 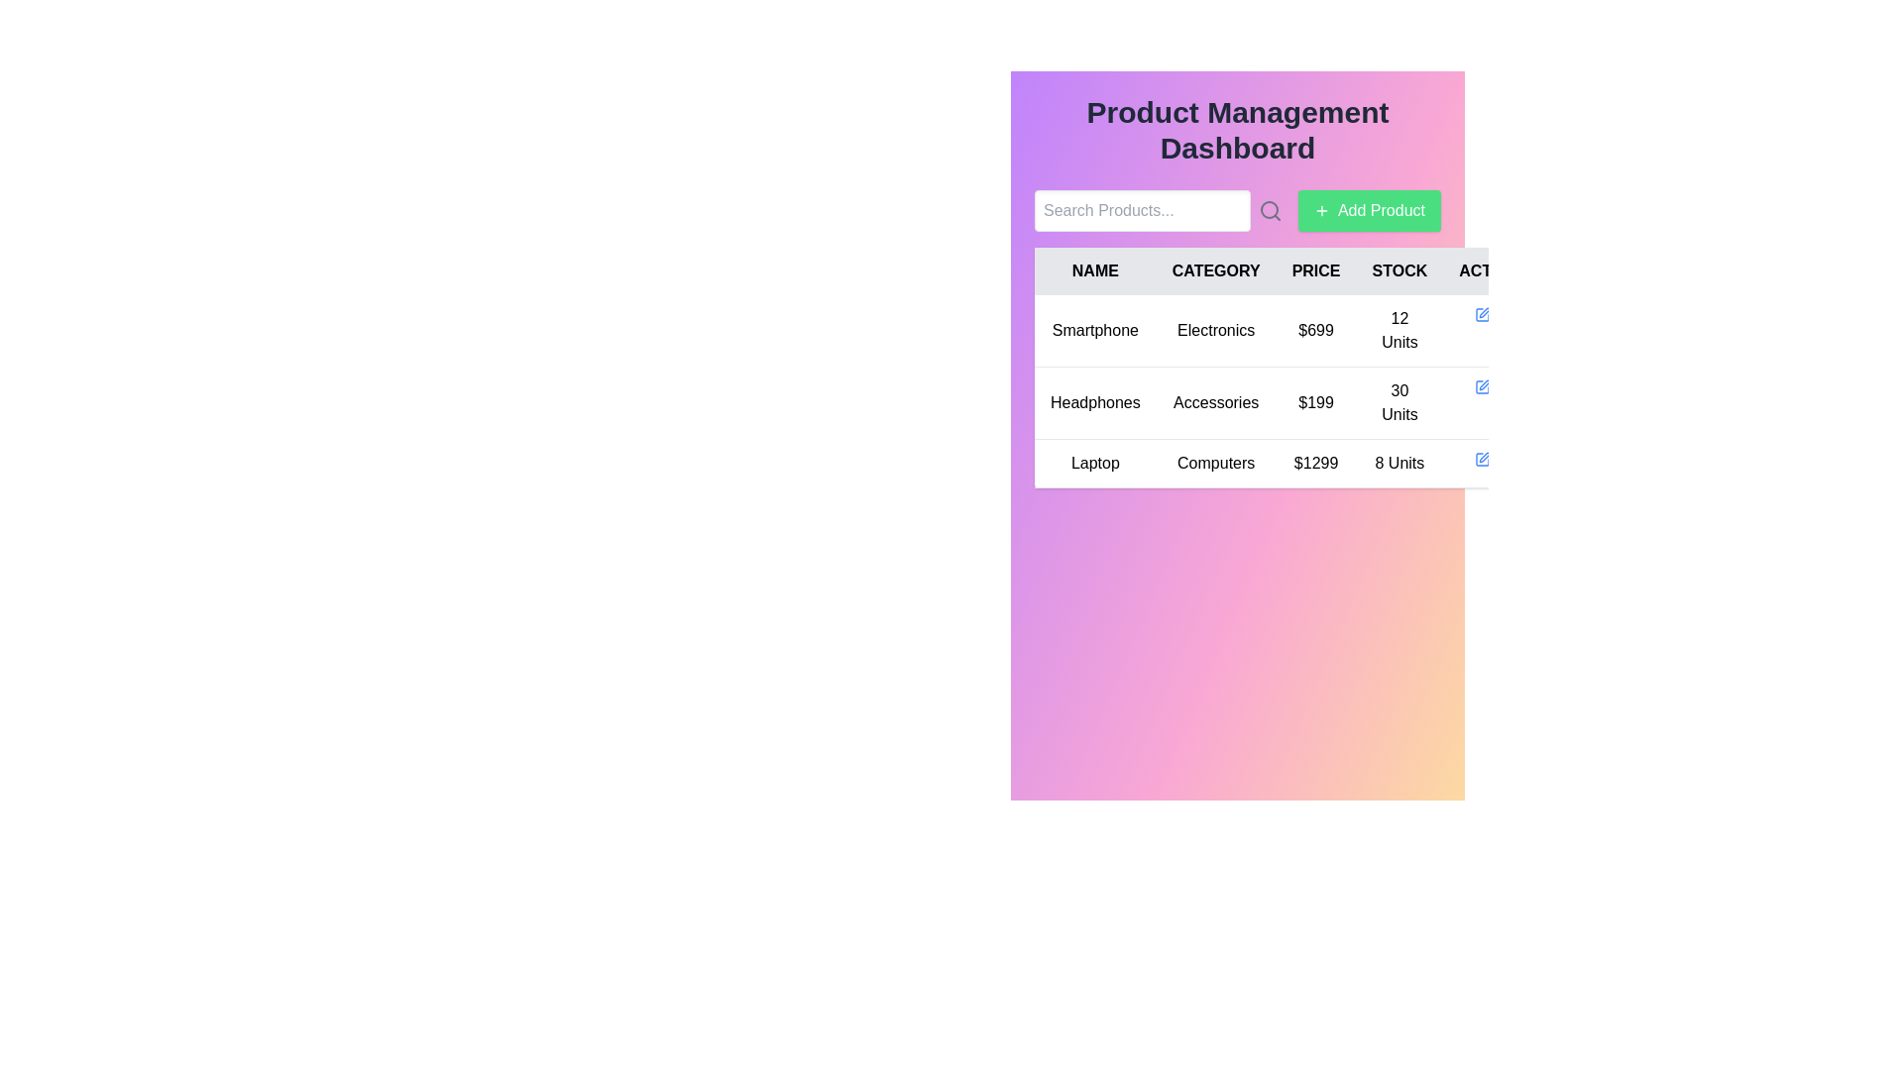 What do you see at coordinates (1399, 270) in the screenshot?
I see `the 'STOCK QUANTITIES' label in the fourth position of the table header, which is located between the 'PRICE' and 'ACTIONS' labels` at bounding box center [1399, 270].